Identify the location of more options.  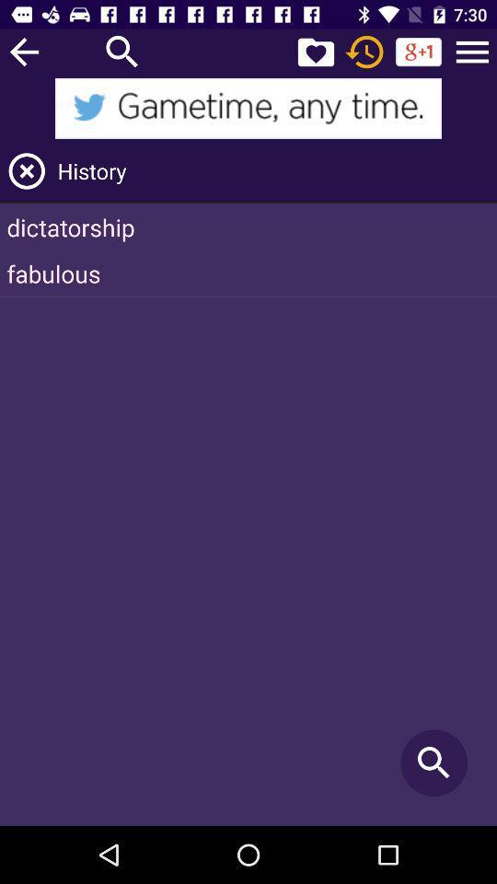
(472, 51).